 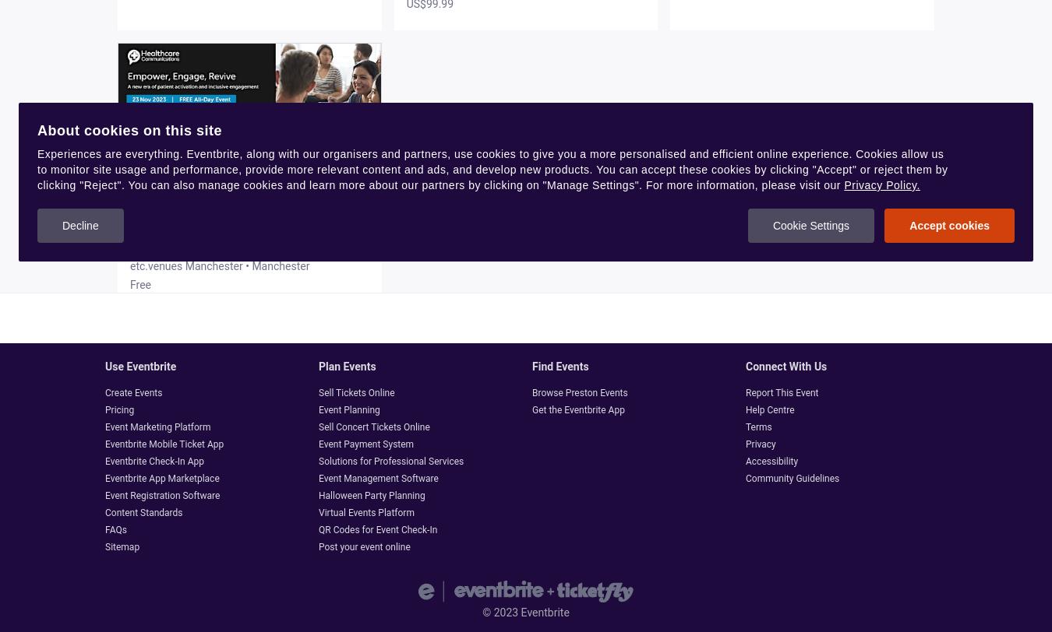 I want to click on 'Report This Event', so click(x=781, y=392).